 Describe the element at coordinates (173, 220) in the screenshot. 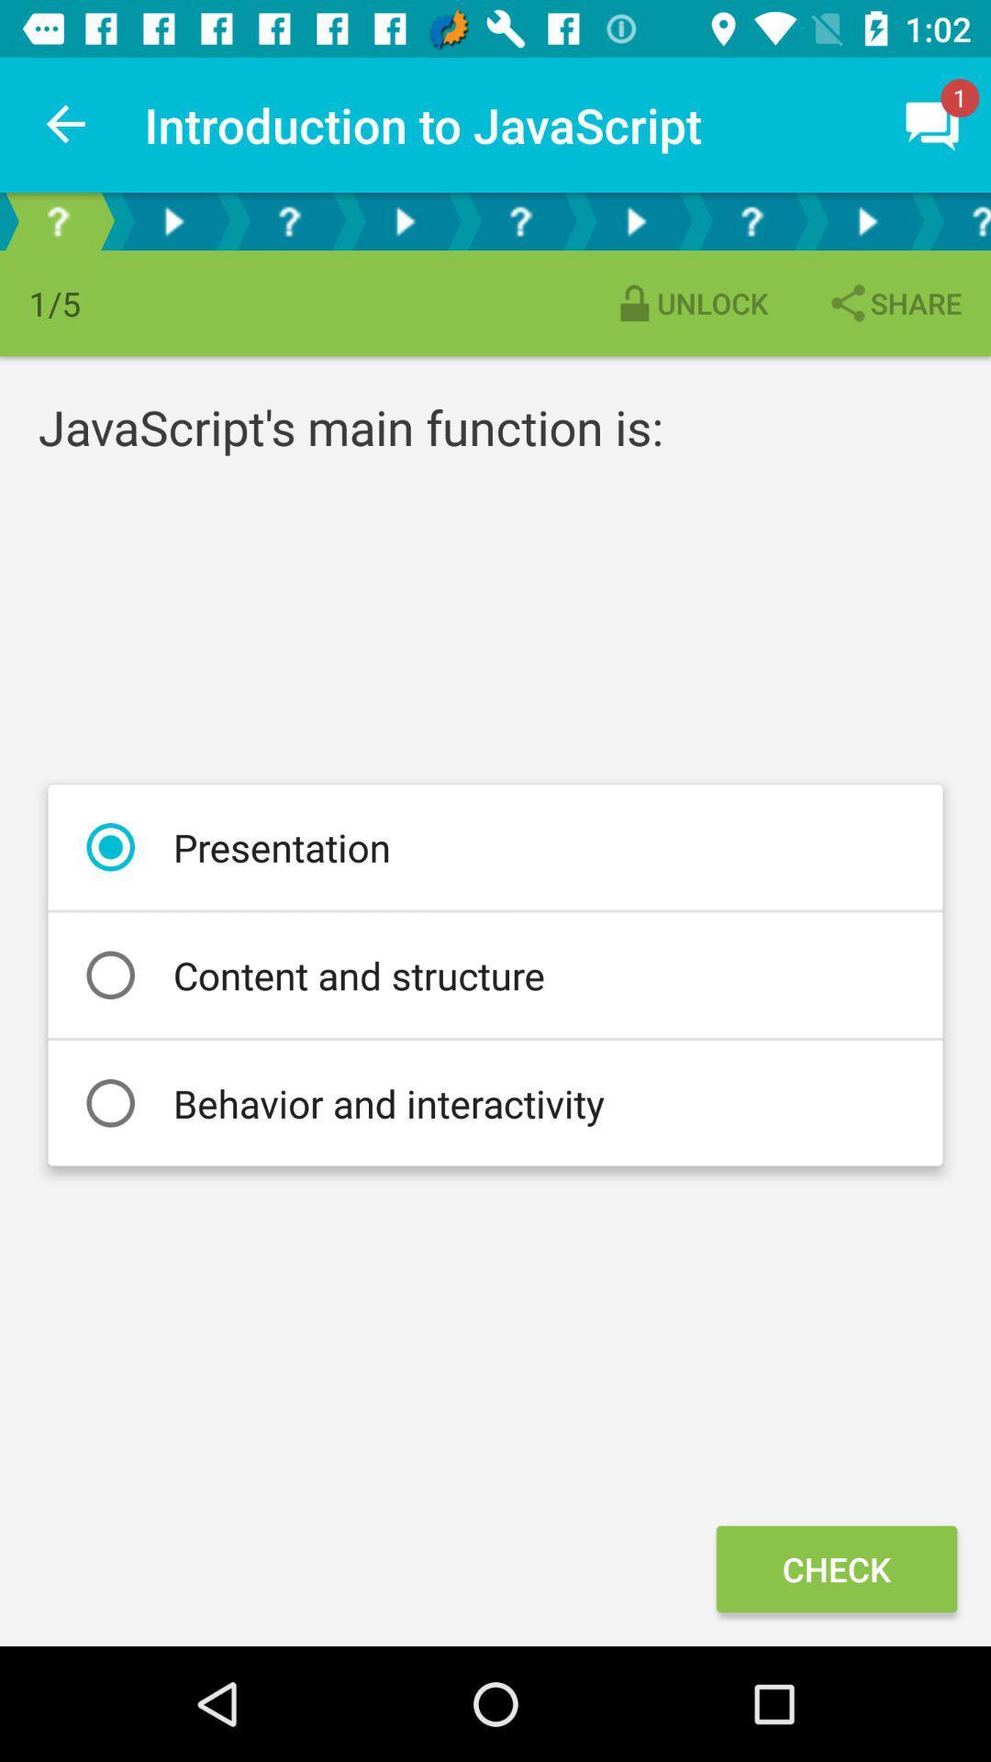

I see `option` at that location.